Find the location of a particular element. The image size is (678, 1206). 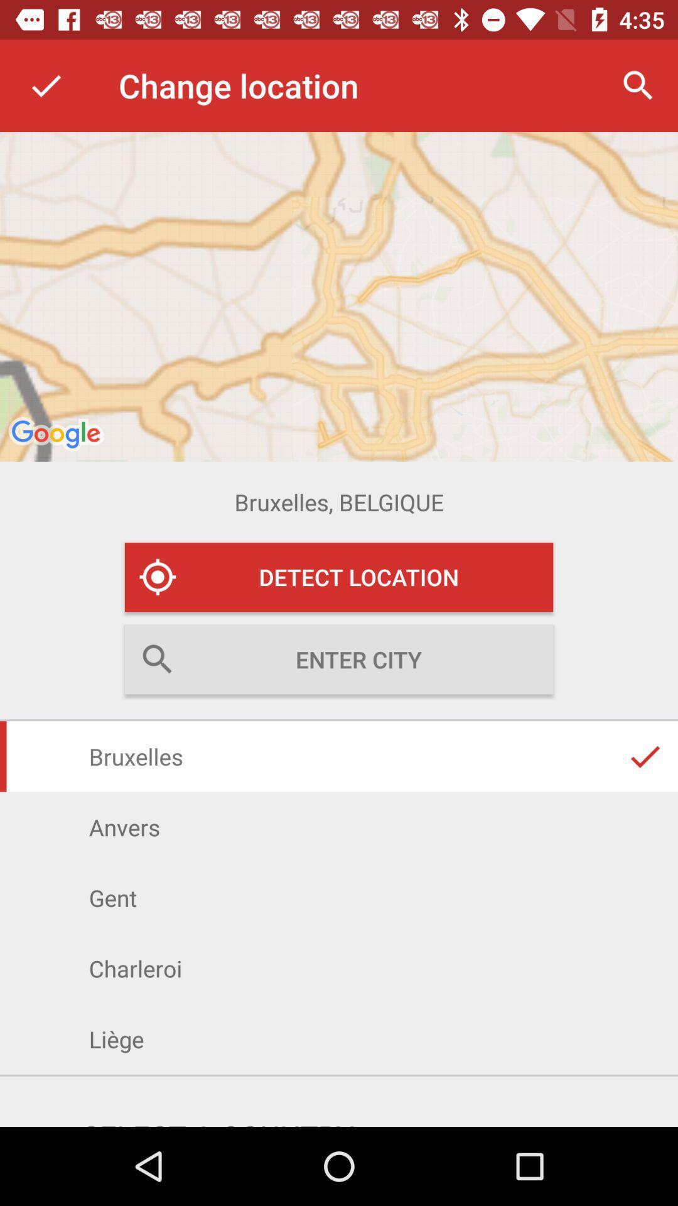

the text field of search is located at coordinates (339, 659).